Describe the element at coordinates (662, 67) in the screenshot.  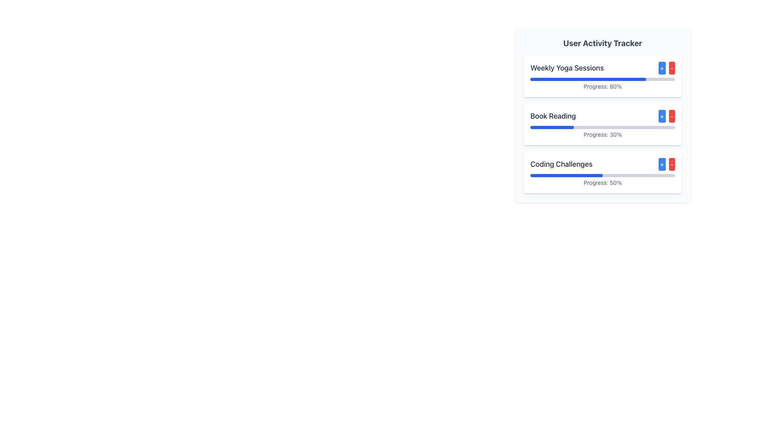
I see `the small square button with rounded corners and a blue background that contains a white '+' text, located adjacent to a red 'minus' button in the 'Weekly Yoga Sessions' activity tracker row` at that location.